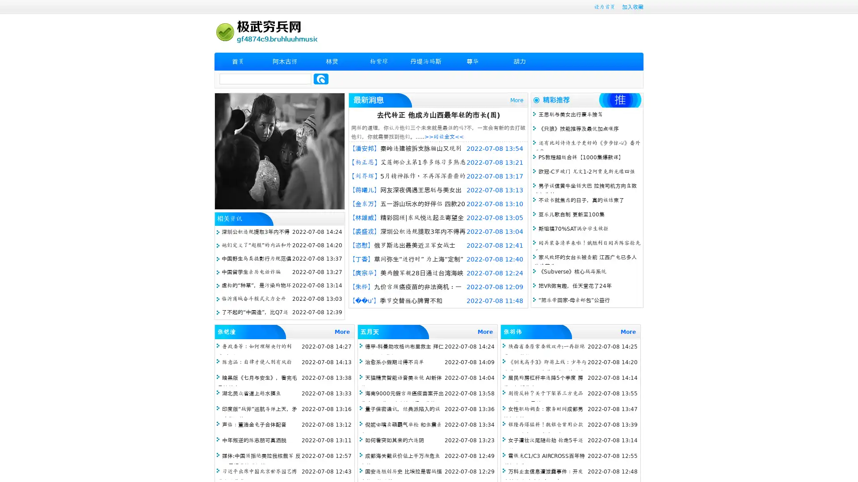 This screenshot has width=858, height=482. What do you see at coordinates (321, 79) in the screenshot?
I see `Search` at bounding box center [321, 79].